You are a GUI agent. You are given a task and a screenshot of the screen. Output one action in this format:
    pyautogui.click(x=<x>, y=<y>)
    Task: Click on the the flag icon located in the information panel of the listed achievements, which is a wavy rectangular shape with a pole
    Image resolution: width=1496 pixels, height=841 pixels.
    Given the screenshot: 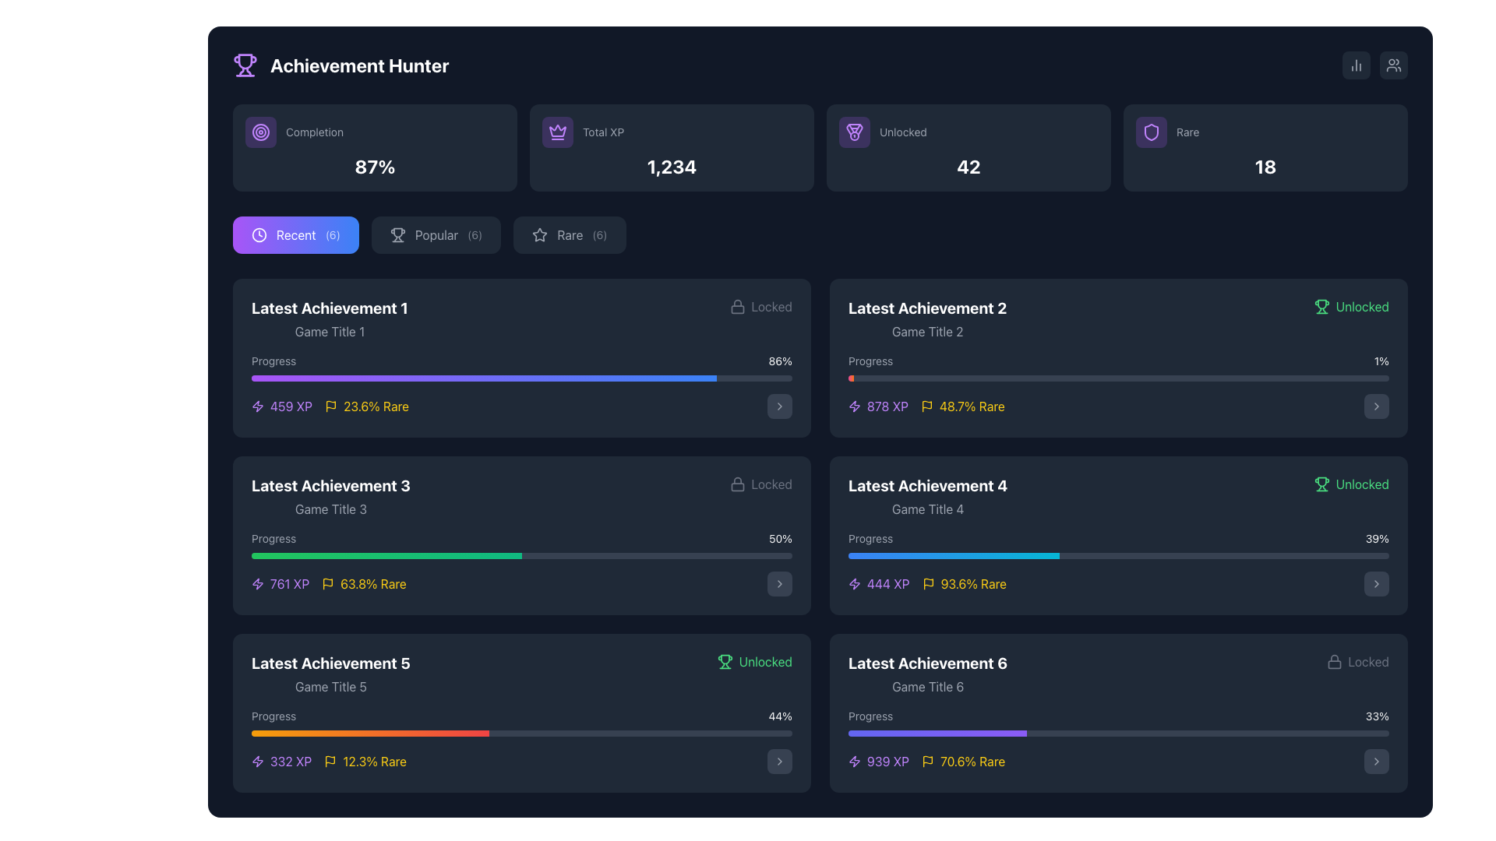 What is the action you would take?
    pyautogui.click(x=327, y=582)
    